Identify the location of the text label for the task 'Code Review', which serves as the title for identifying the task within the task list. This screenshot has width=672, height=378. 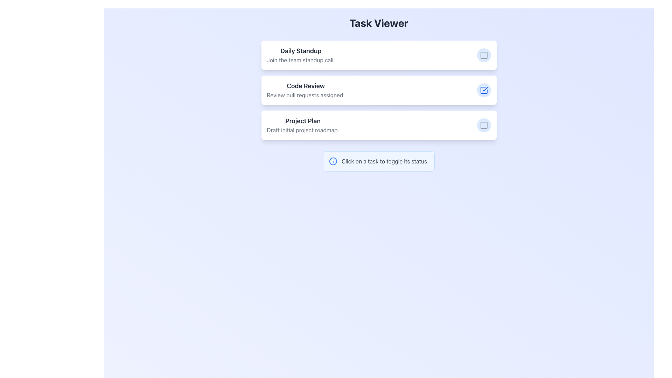
(306, 86).